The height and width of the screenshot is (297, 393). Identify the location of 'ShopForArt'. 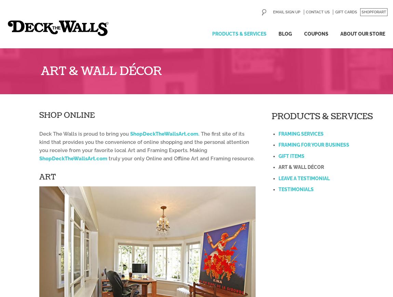
(374, 12).